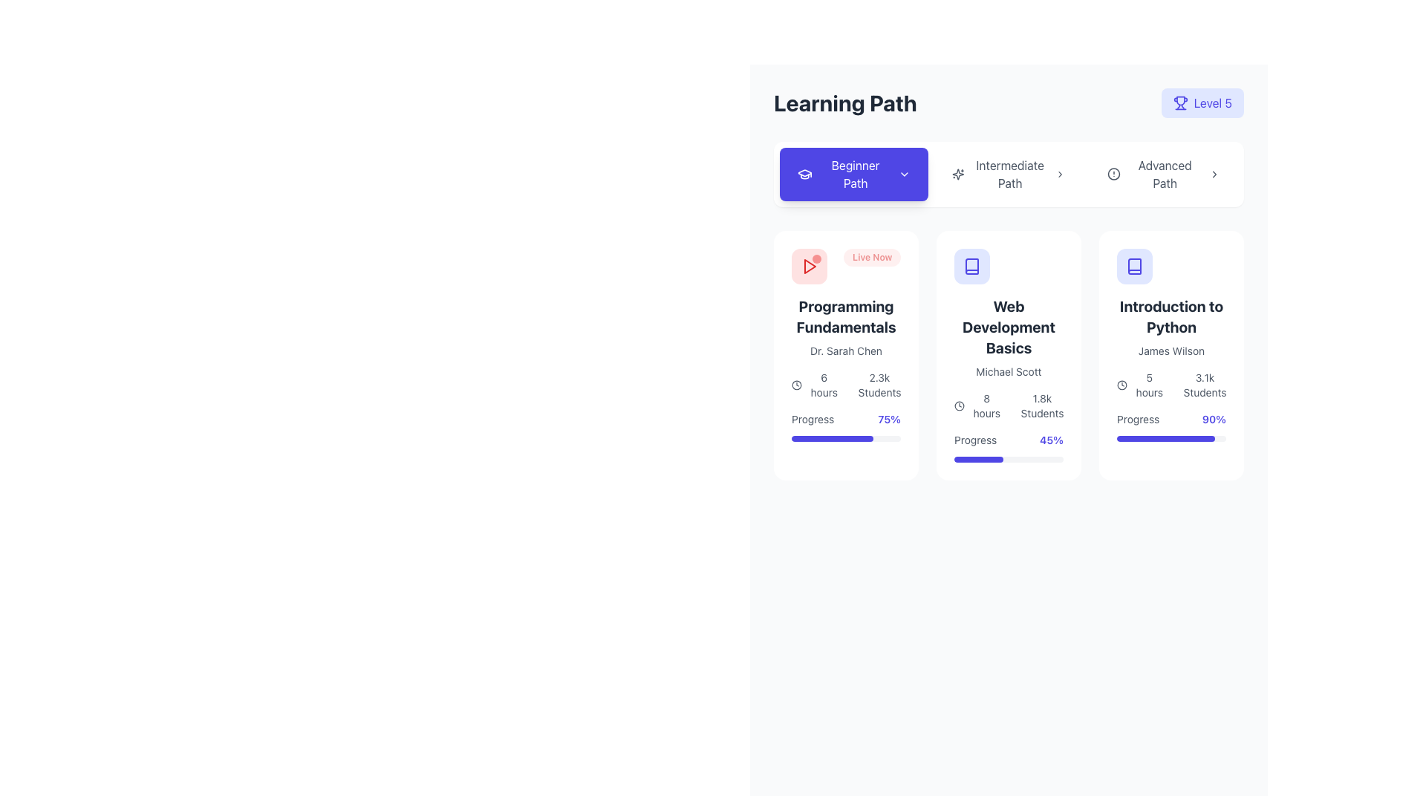  What do you see at coordinates (876, 385) in the screenshot?
I see `text label indicating the number of students enrolled in the 'Programming Fundamentals' course, located below the '6 hours' text element and the clock icon within the leftmost card` at bounding box center [876, 385].